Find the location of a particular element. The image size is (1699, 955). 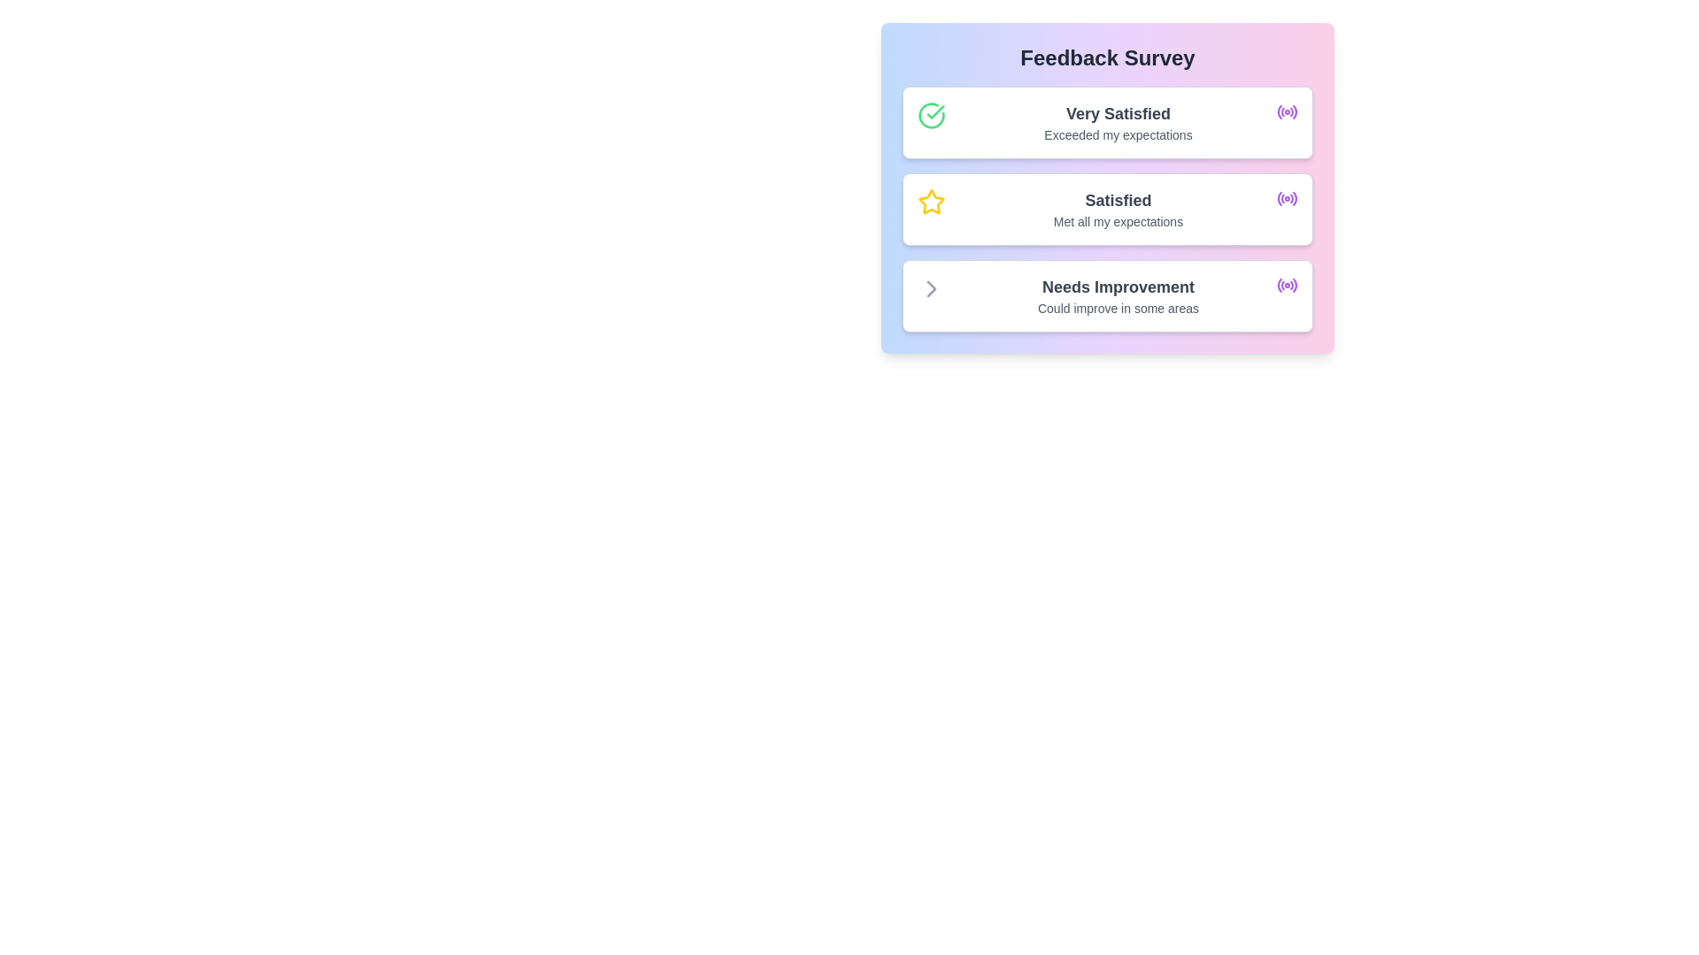

the main label for the third feedback option, which summarizes the quality evaluation in the feedback survey interface is located at coordinates (1117, 286).